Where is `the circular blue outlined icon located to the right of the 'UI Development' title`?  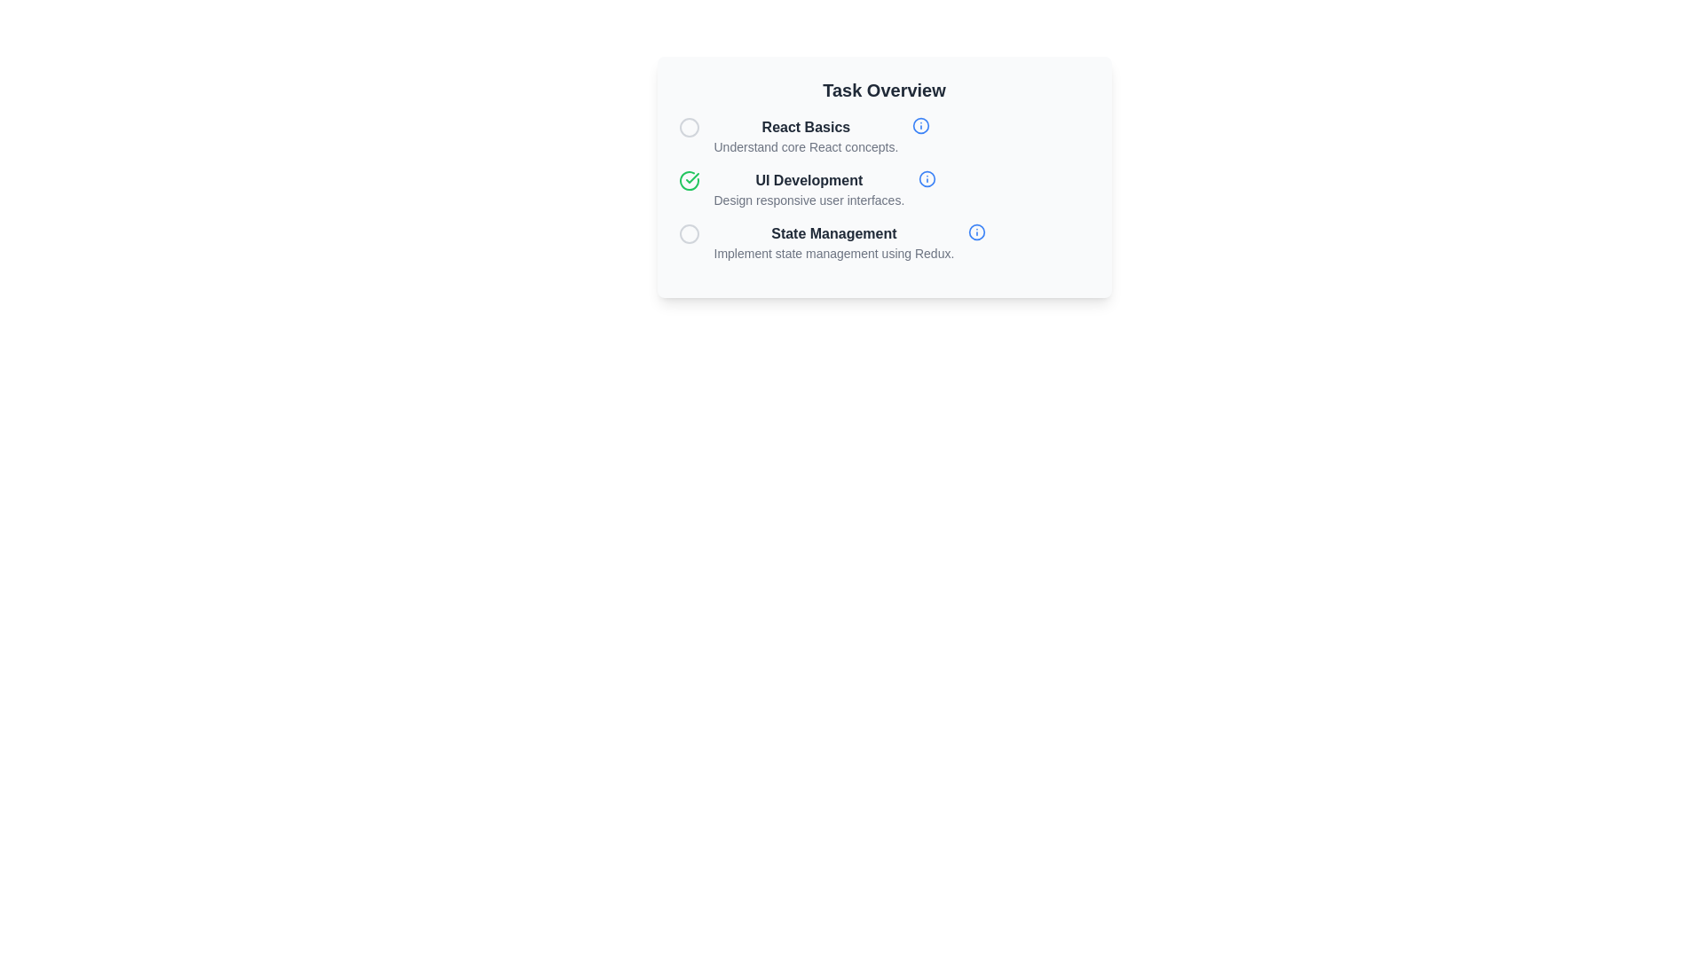
the circular blue outlined icon located to the right of the 'UI Development' title is located at coordinates (927, 178).